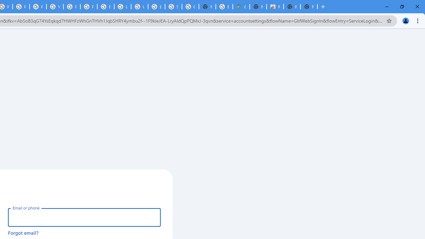 Image resolution: width=425 pixels, height=239 pixels. Describe the element at coordinates (23, 232) in the screenshot. I see `'Forgot email?'` at that location.